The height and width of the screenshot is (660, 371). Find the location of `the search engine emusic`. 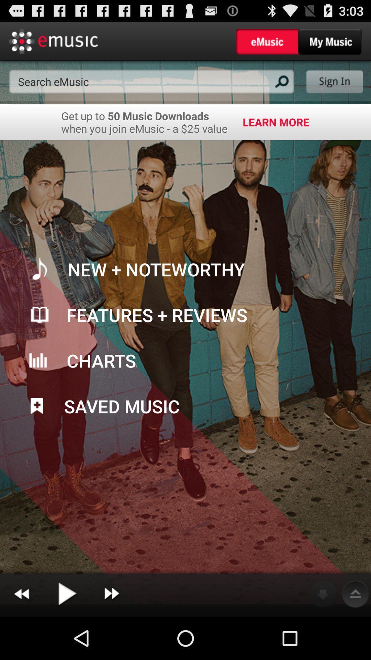

the search engine emusic is located at coordinates (151, 81).